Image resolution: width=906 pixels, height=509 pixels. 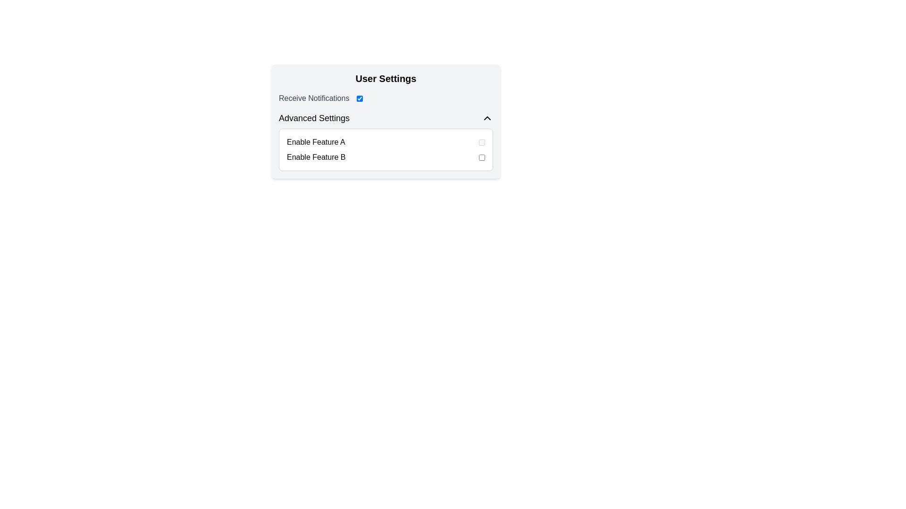 What do you see at coordinates (482, 157) in the screenshot?
I see `the toggle switch for 'Feature B' to change its state between enabled and disabled` at bounding box center [482, 157].